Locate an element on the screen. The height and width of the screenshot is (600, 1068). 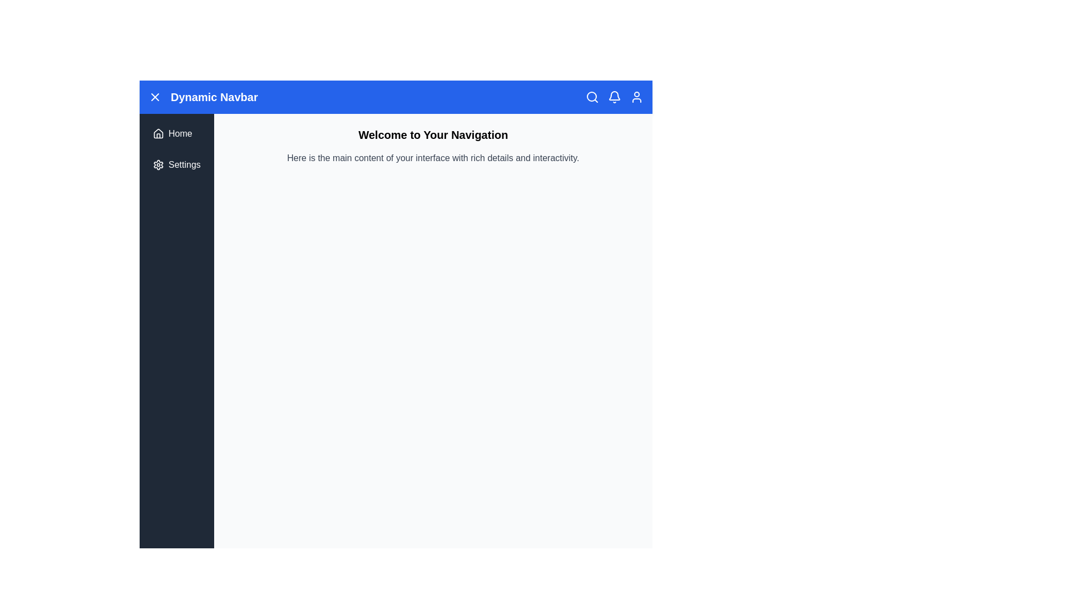
the notification indicator icon located in the top-right navigation bar is located at coordinates (614, 96).